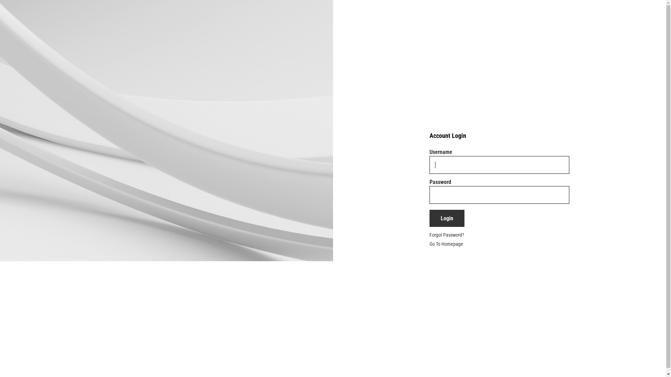 This screenshot has width=671, height=377. What do you see at coordinates (429, 218) in the screenshot?
I see `'Login'` at bounding box center [429, 218].